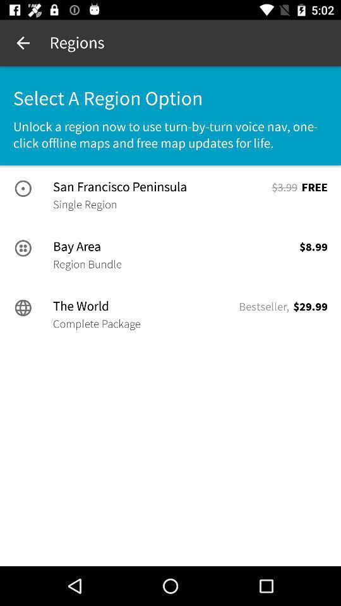 Image resolution: width=341 pixels, height=606 pixels. Describe the element at coordinates (263, 306) in the screenshot. I see `the icon next to the world item` at that location.